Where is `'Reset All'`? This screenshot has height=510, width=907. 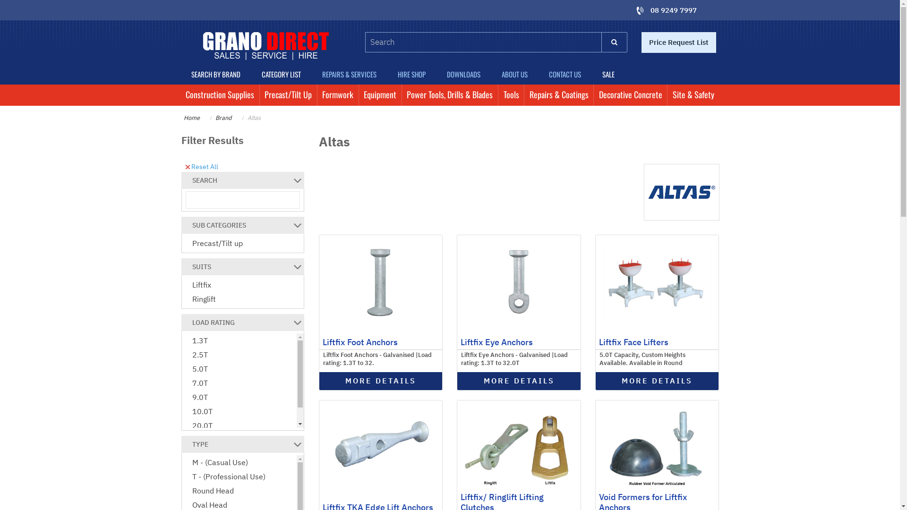 'Reset All' is located at coordinates (201, 165).